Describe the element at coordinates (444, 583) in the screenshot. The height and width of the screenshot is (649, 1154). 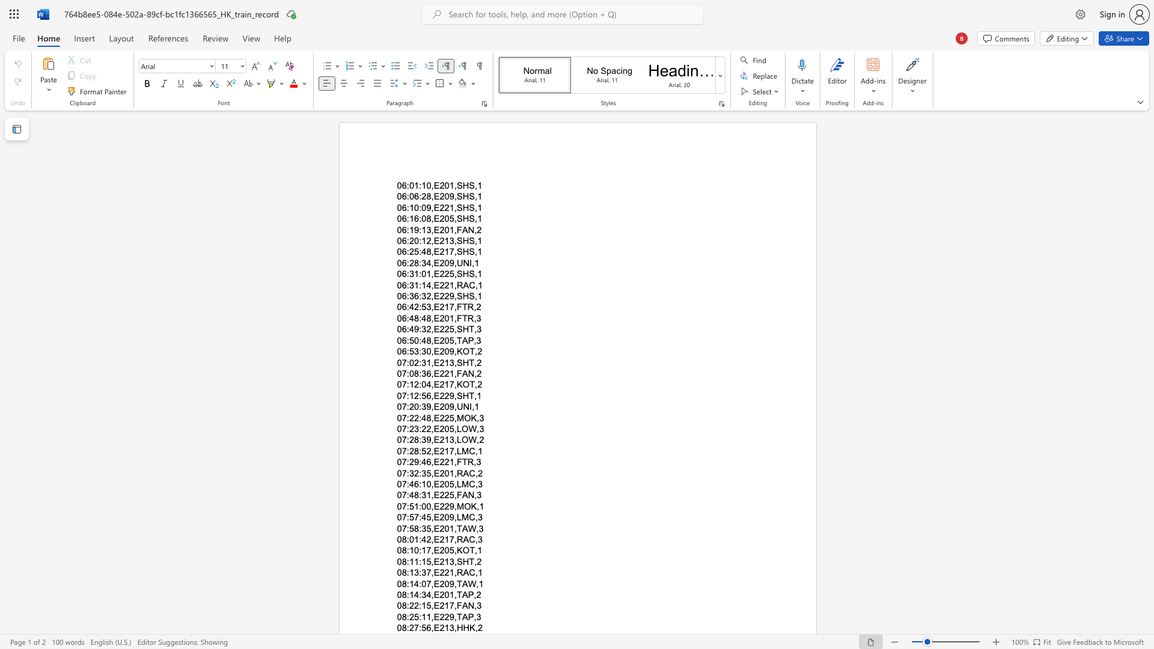
I see `the space between the continuous character "2" and "0" in the text` at that location.